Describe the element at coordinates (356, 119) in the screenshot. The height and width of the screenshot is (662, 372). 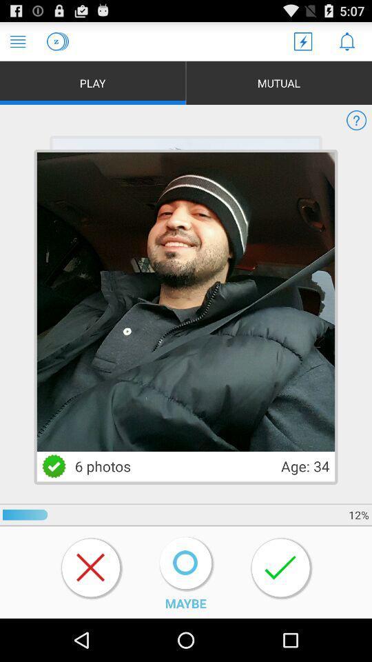
I see `help icon` at that location.